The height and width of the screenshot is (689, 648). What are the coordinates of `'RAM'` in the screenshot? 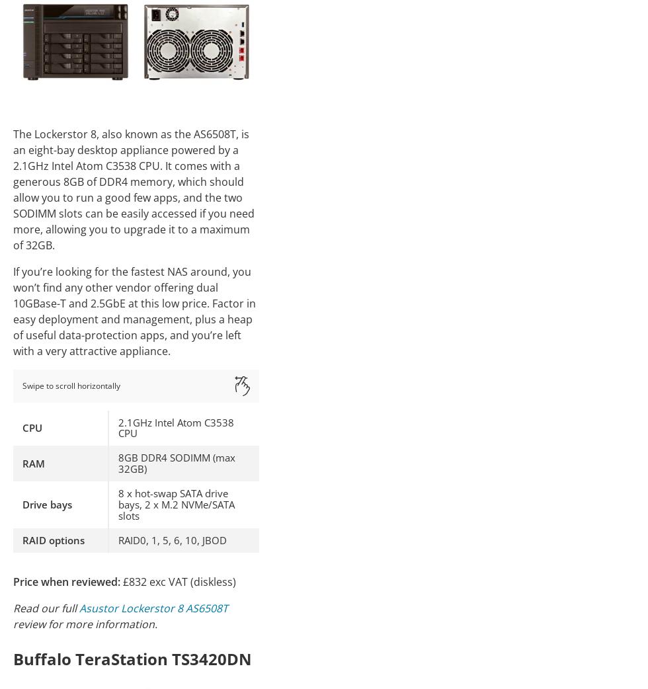 It's located at (33, 462).